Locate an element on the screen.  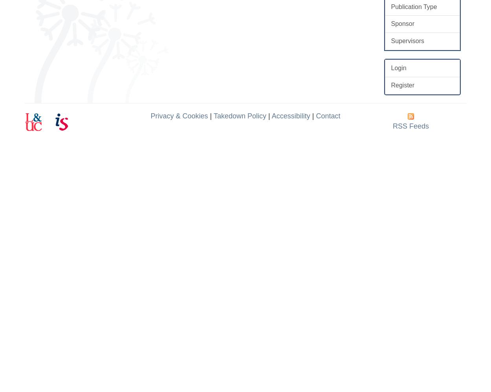
'RSS Feeds' is located at coordinates (411, 125).